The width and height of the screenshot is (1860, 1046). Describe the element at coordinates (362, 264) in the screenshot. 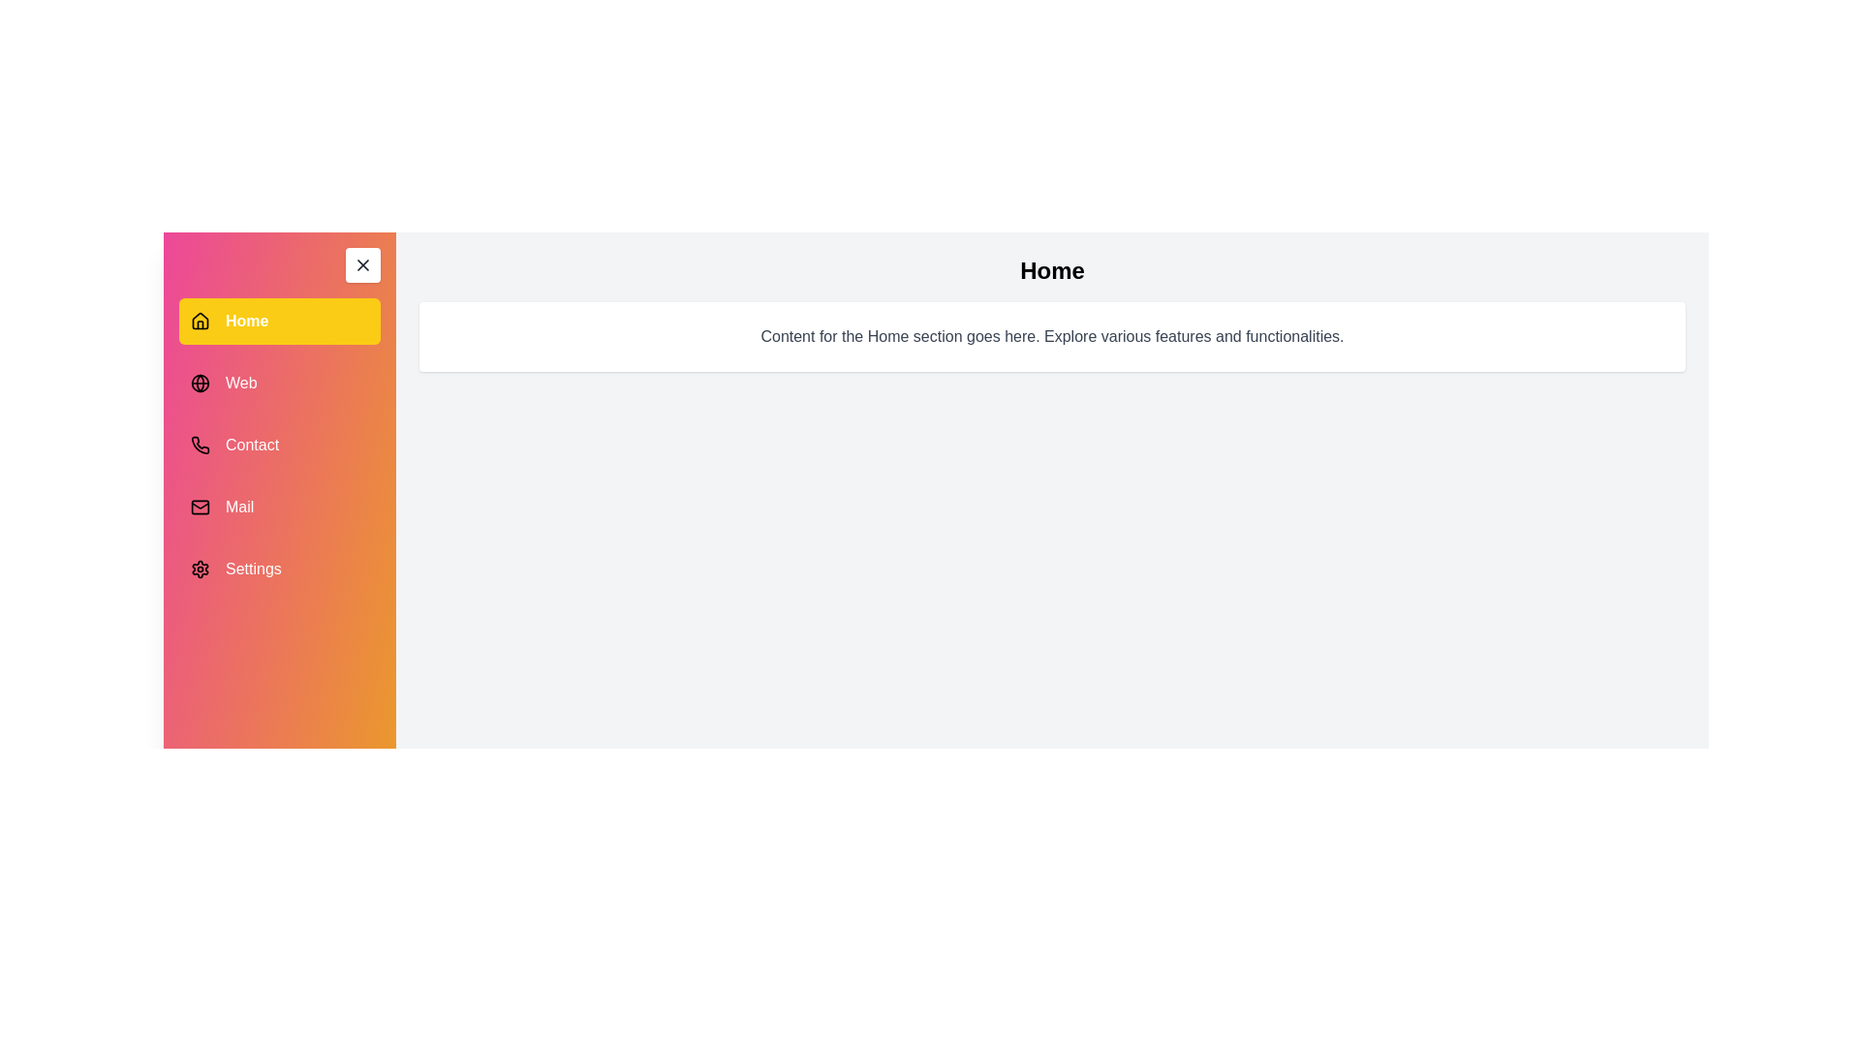

I see `'X' button to toggle the drawer visibility` at that location.